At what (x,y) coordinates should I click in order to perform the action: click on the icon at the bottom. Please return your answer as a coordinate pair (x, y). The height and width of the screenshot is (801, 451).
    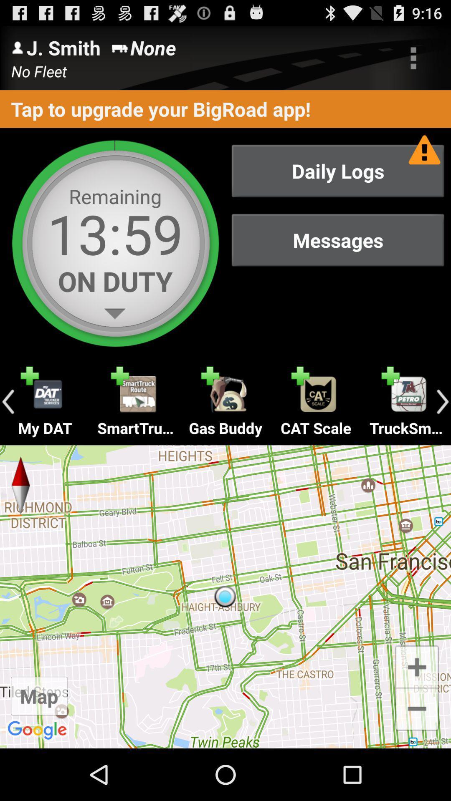
    Looking at the image, I should click on (225, 596).